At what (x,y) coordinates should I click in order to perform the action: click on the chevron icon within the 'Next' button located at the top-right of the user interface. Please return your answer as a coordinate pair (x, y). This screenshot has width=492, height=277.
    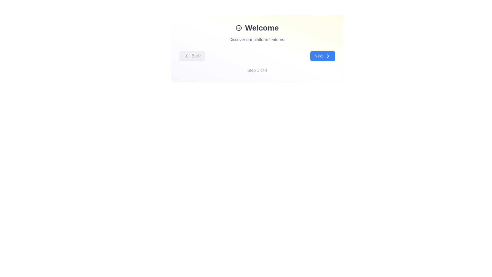
    Looking at the image, I should click on (328, 56).